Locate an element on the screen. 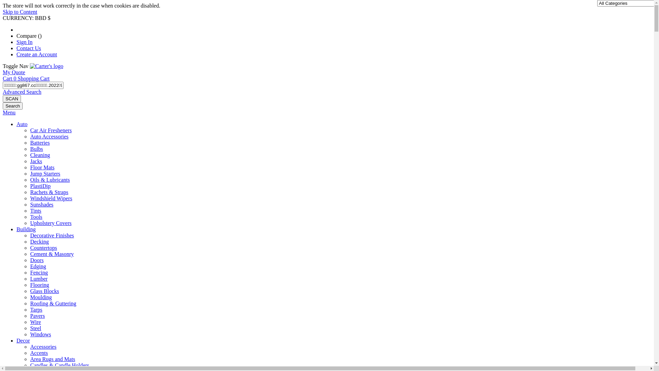  'Roofing & Guttering' is located at coordinates (30, 303).